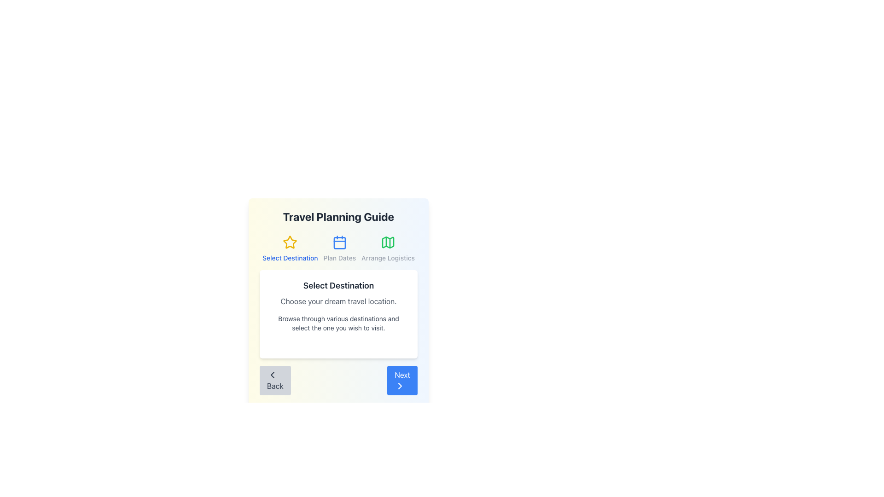 The height and width of the screenshot is (497, 884). What do you see at coordinates (388, 248) in the screenshot?
I see `the third button in the horizontal layout under the header 'Travel Planning Guide'` at bounding box center [388, 248].